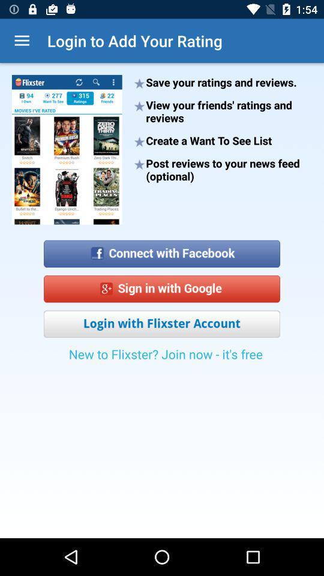  I want to click on the new to flixster icon, so click(165, 358).